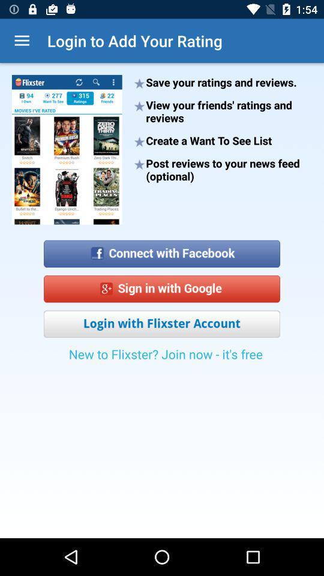  I want to click on the new to flixster icon, so click(165, 358).